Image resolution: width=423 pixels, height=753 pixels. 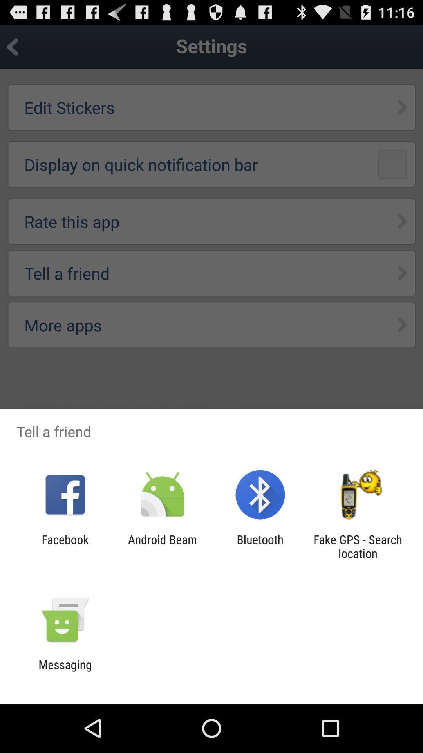 I want to click on item to the left of the android beam item, so click(x=65, y=546).